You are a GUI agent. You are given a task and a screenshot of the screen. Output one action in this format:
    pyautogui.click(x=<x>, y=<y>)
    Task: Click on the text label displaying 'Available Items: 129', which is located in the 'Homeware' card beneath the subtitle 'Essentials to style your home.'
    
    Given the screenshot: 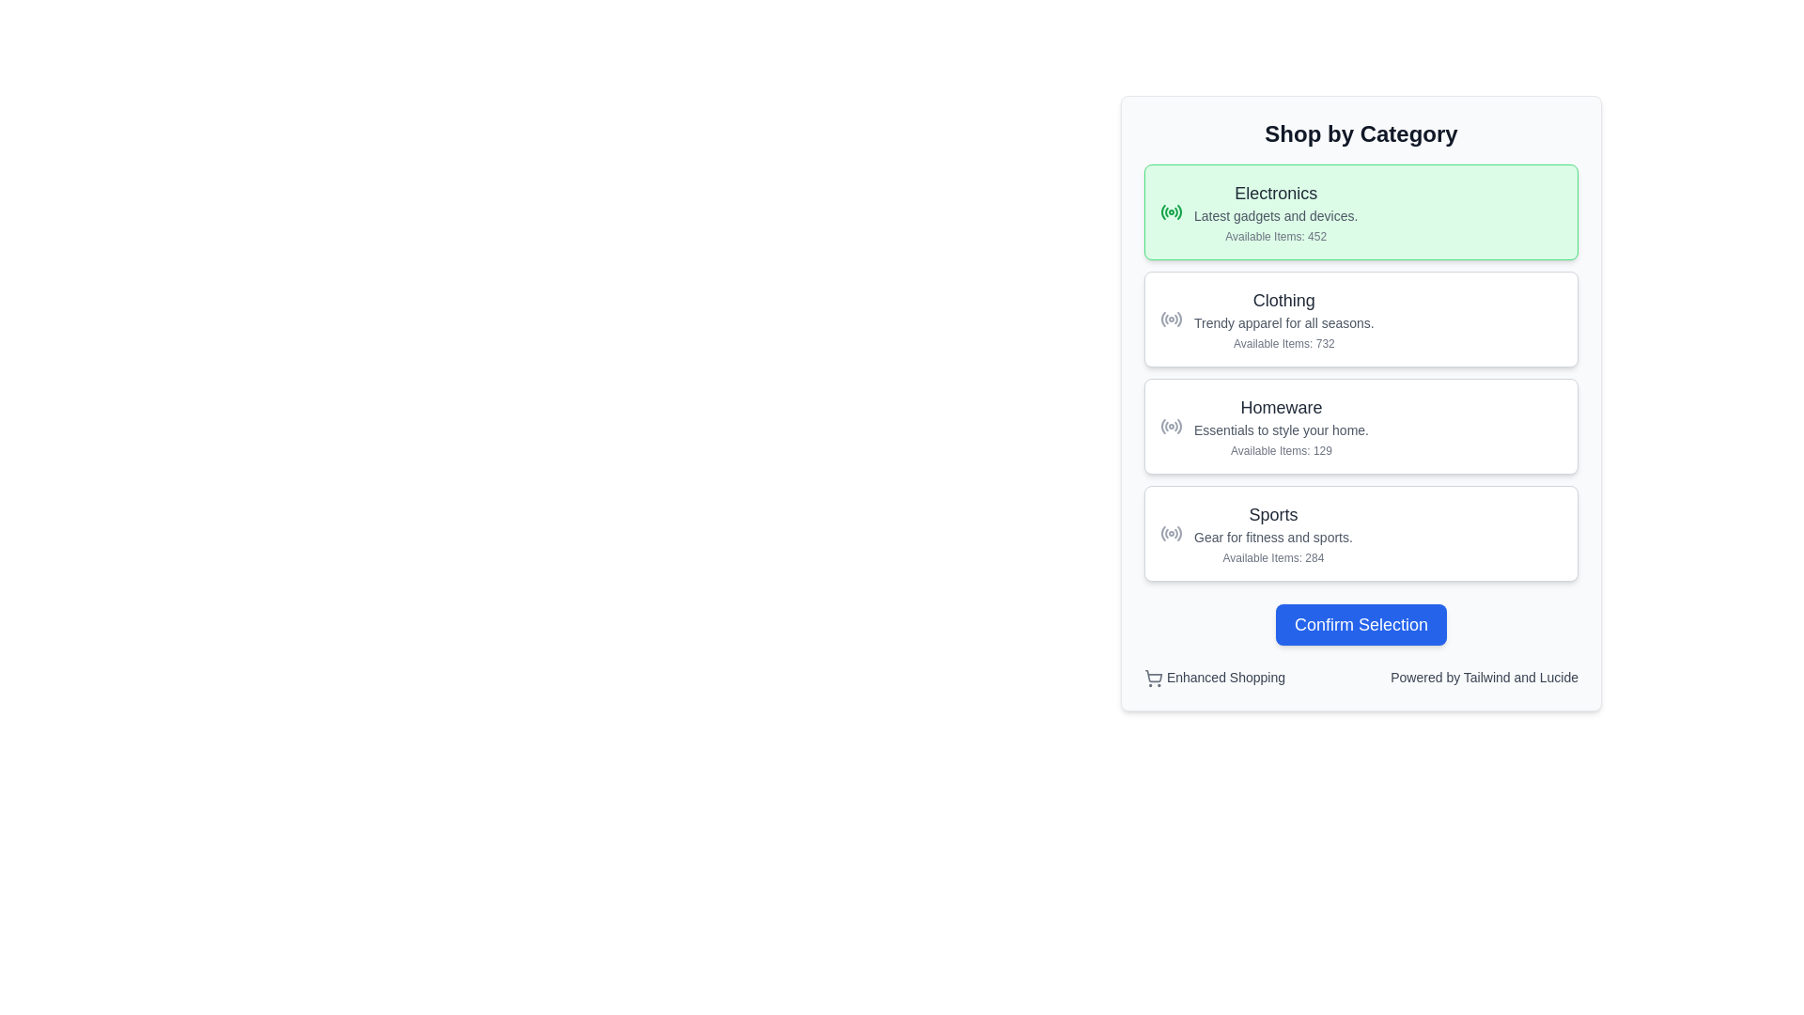 What is the action you would take?
    pyautogui.click(x=1280, y=450)
    